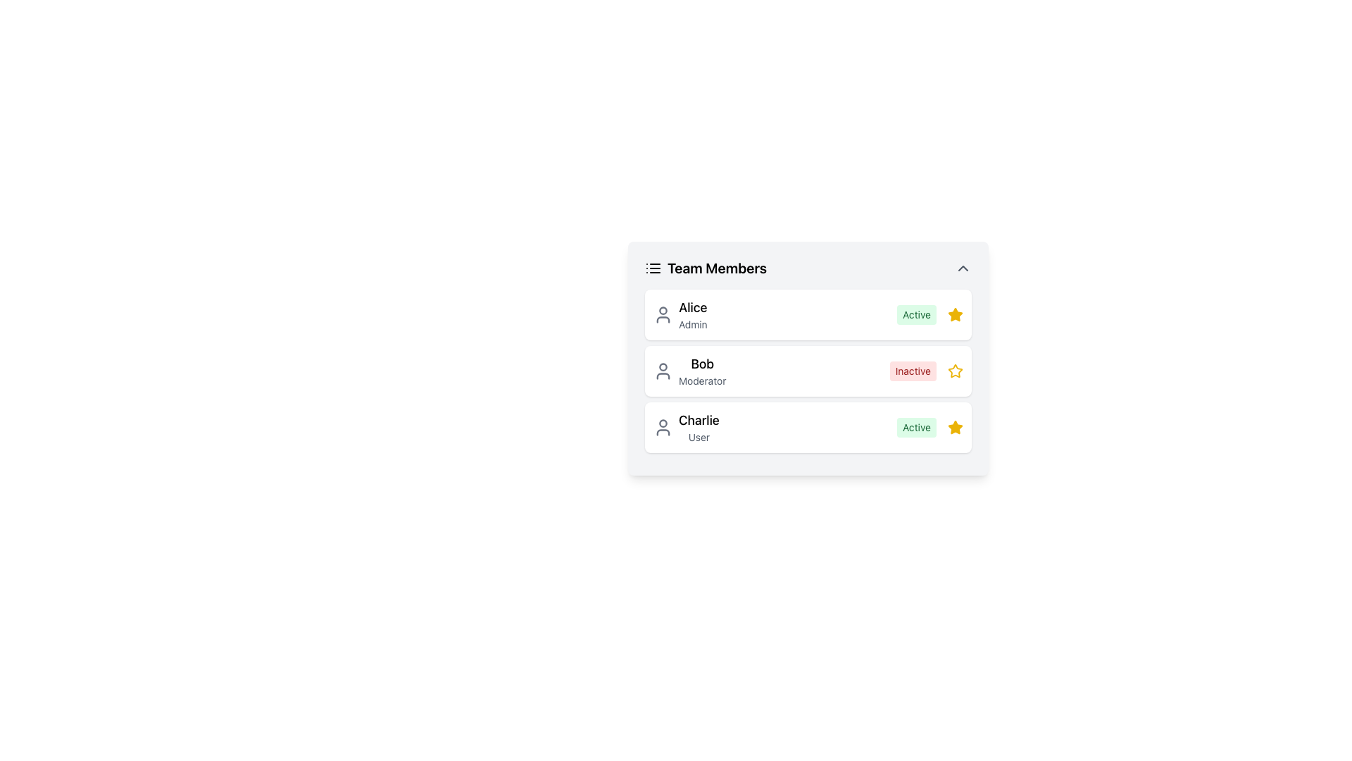 Image resolution: width=1352 pixels, height=761 pixels. Describe the element at coordinates (955, 369) in the screenshot. I see `the star icon in the row corresponding to user 'Bob'` at that location.